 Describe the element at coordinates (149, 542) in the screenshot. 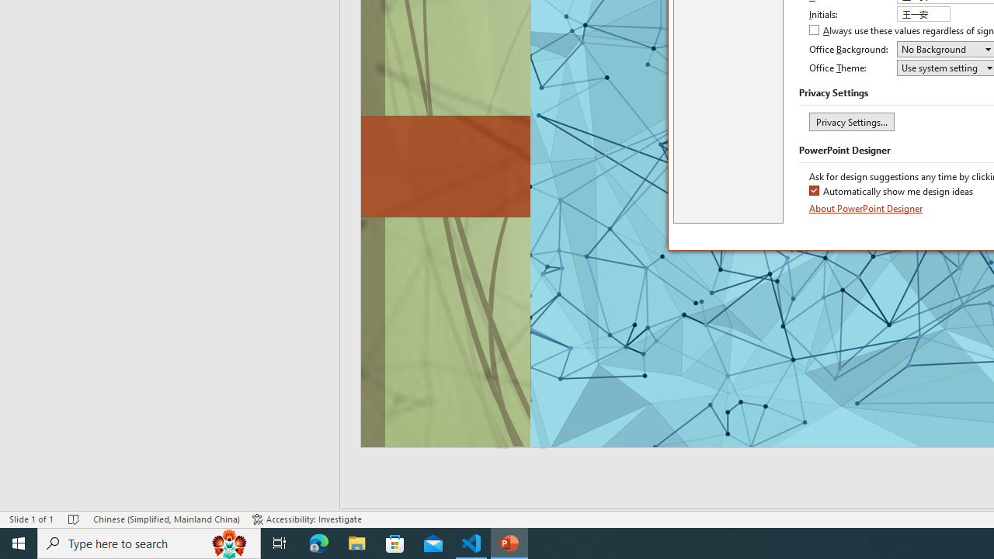

I see `'Type here to search'` at that location.